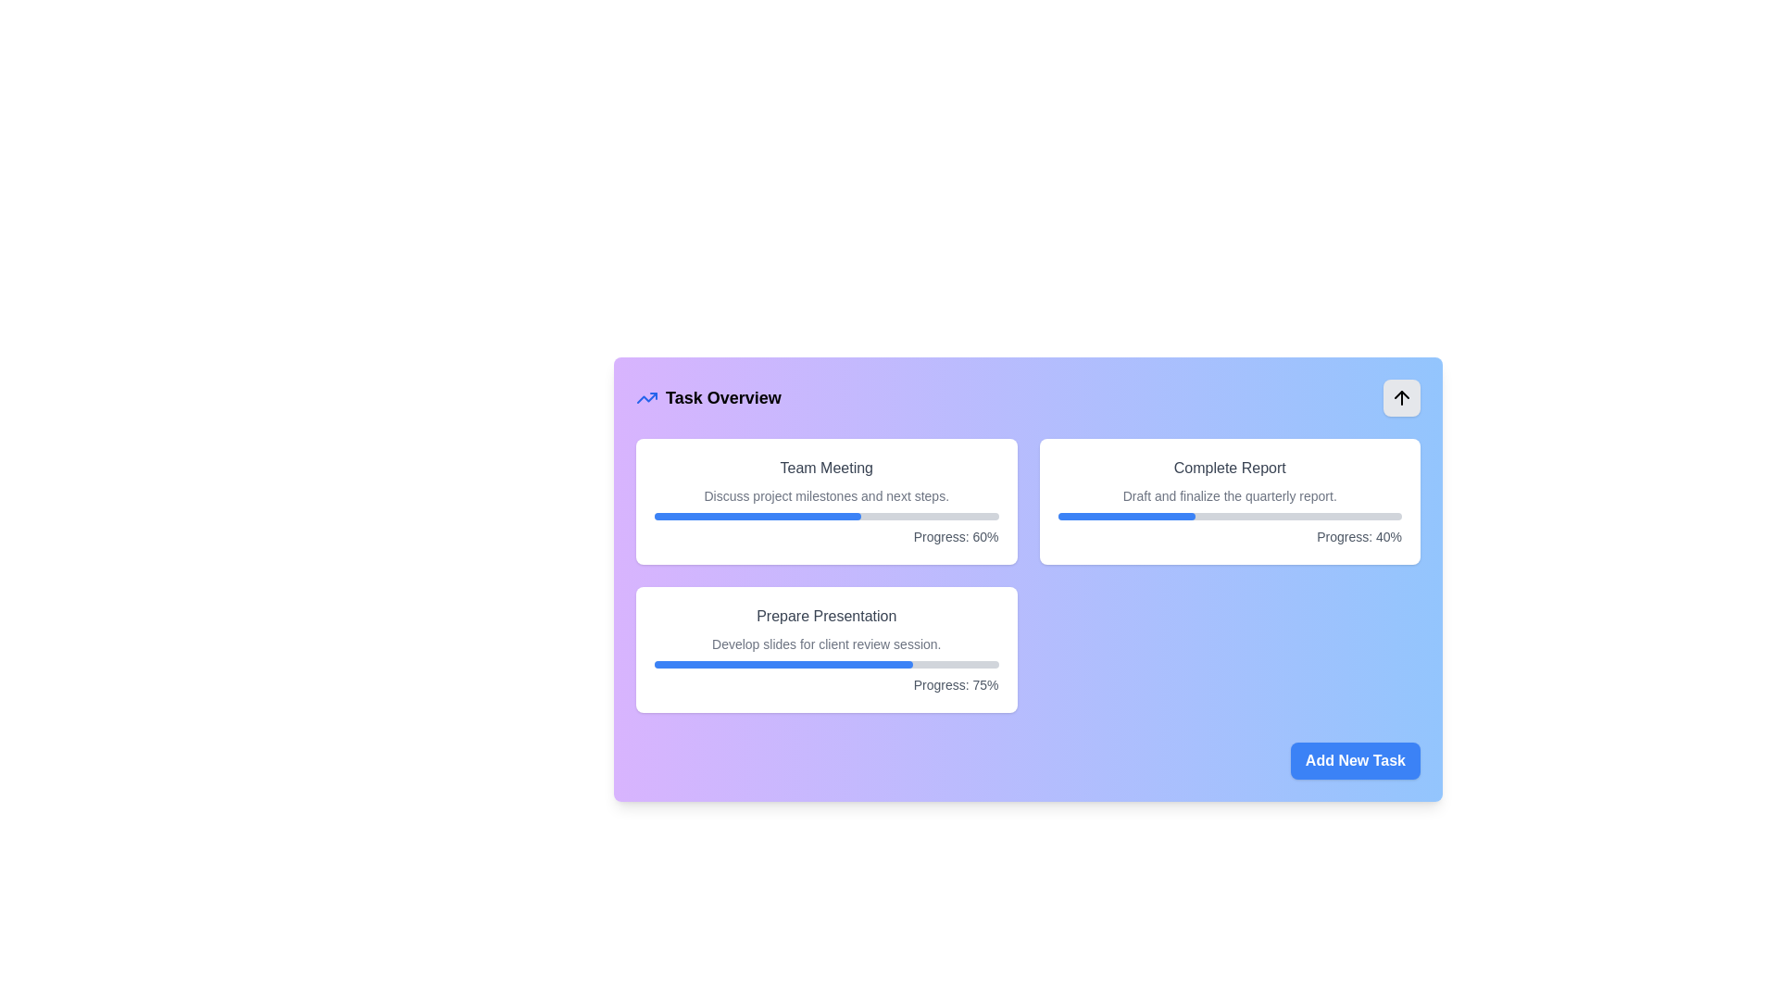  Describe the element at coordinates (1230, 467) in the screenshot. I see `the 'Complete Report' text label at the top of the task card` at that location.